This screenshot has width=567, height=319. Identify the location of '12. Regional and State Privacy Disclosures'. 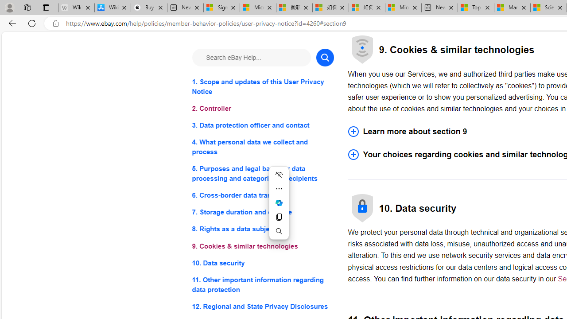
(262, 306).